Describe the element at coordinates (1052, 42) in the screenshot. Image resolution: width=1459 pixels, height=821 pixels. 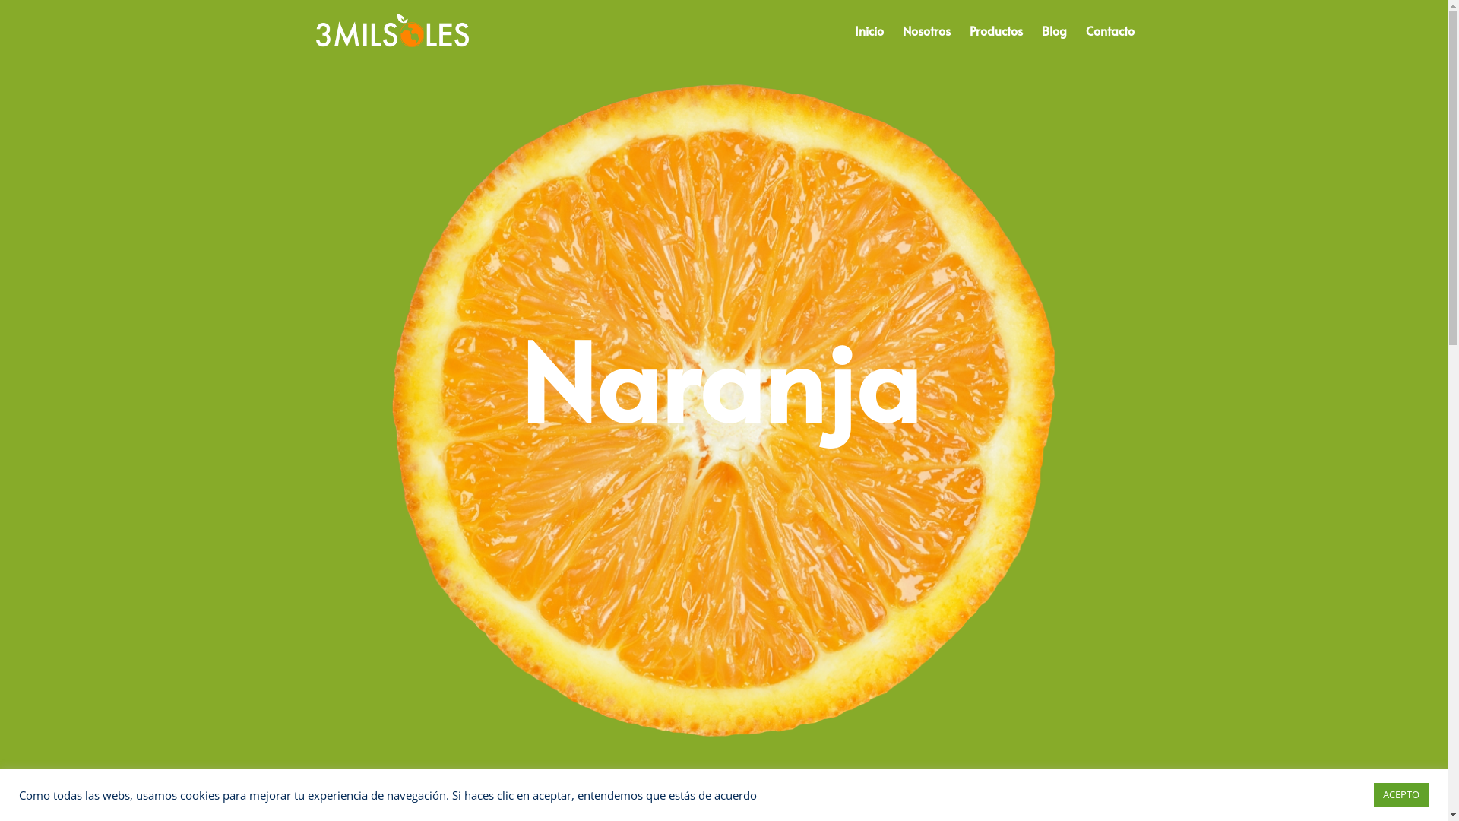
I see `'Blog'` at that location.